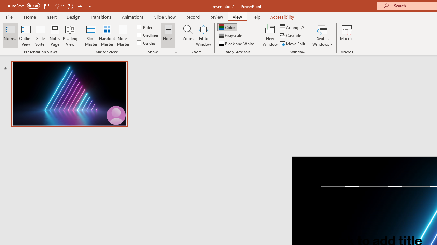  Describe the element at coordinates (322, 35) in the screenshot. I see `'Switch Windows'` at that location.